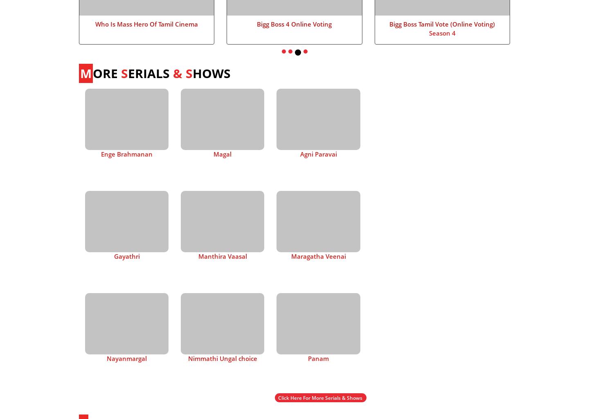 Image resolution: width=589 pixels, height=419 pixels. I want to click on 'நீ ஜெயிச்சட்ட மாறா 💥😍 - SooraraiPottru On Oscar Ra..', so click(438, 161).